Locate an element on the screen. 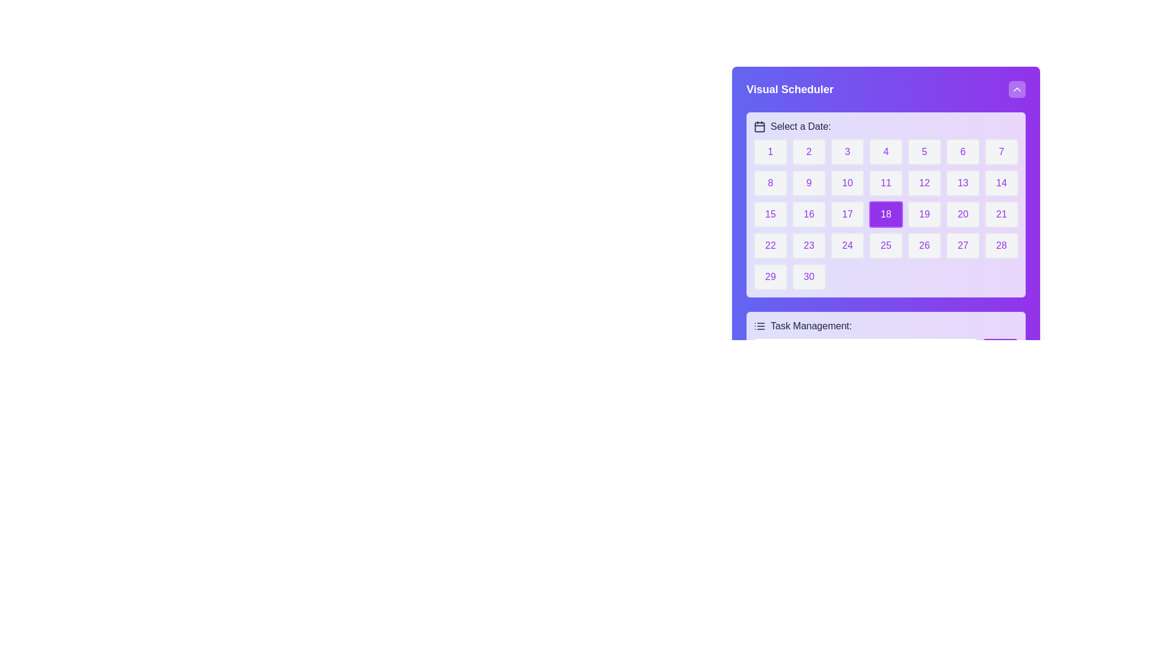  the date selection button located in the third row and fifth column of the calendar widget is located at coordinates (923, 214).